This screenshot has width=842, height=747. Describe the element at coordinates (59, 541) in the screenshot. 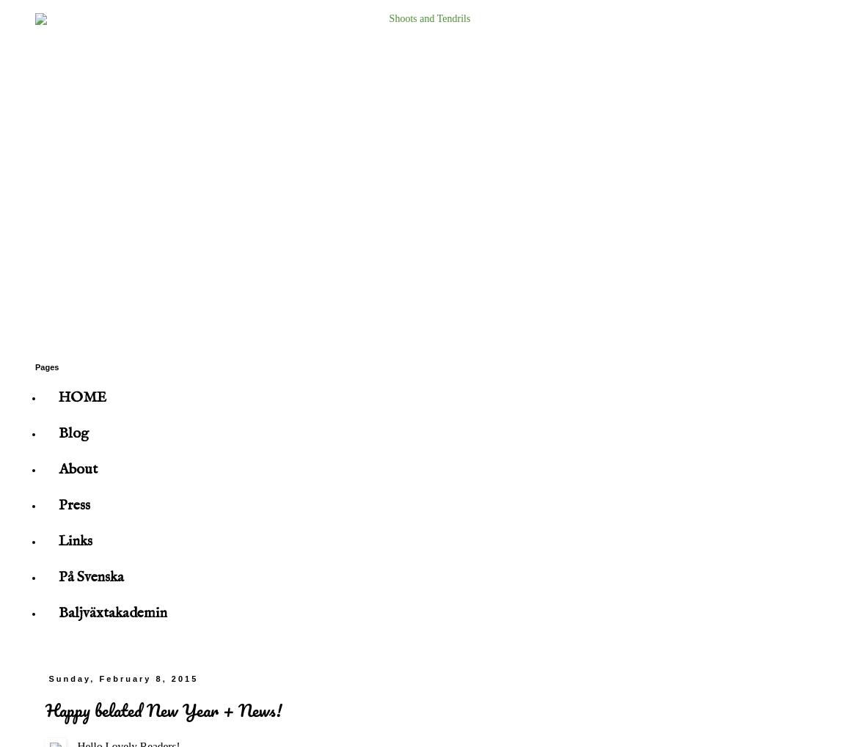

I see `'Links'` at that location.